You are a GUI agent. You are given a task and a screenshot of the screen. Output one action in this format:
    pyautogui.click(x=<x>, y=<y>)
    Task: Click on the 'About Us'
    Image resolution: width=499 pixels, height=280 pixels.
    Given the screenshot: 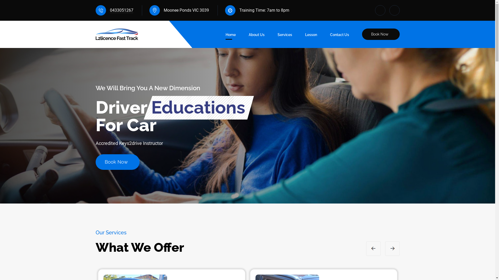 What is the action you would take?
    pyautogui.click(x=256, y=36)
    